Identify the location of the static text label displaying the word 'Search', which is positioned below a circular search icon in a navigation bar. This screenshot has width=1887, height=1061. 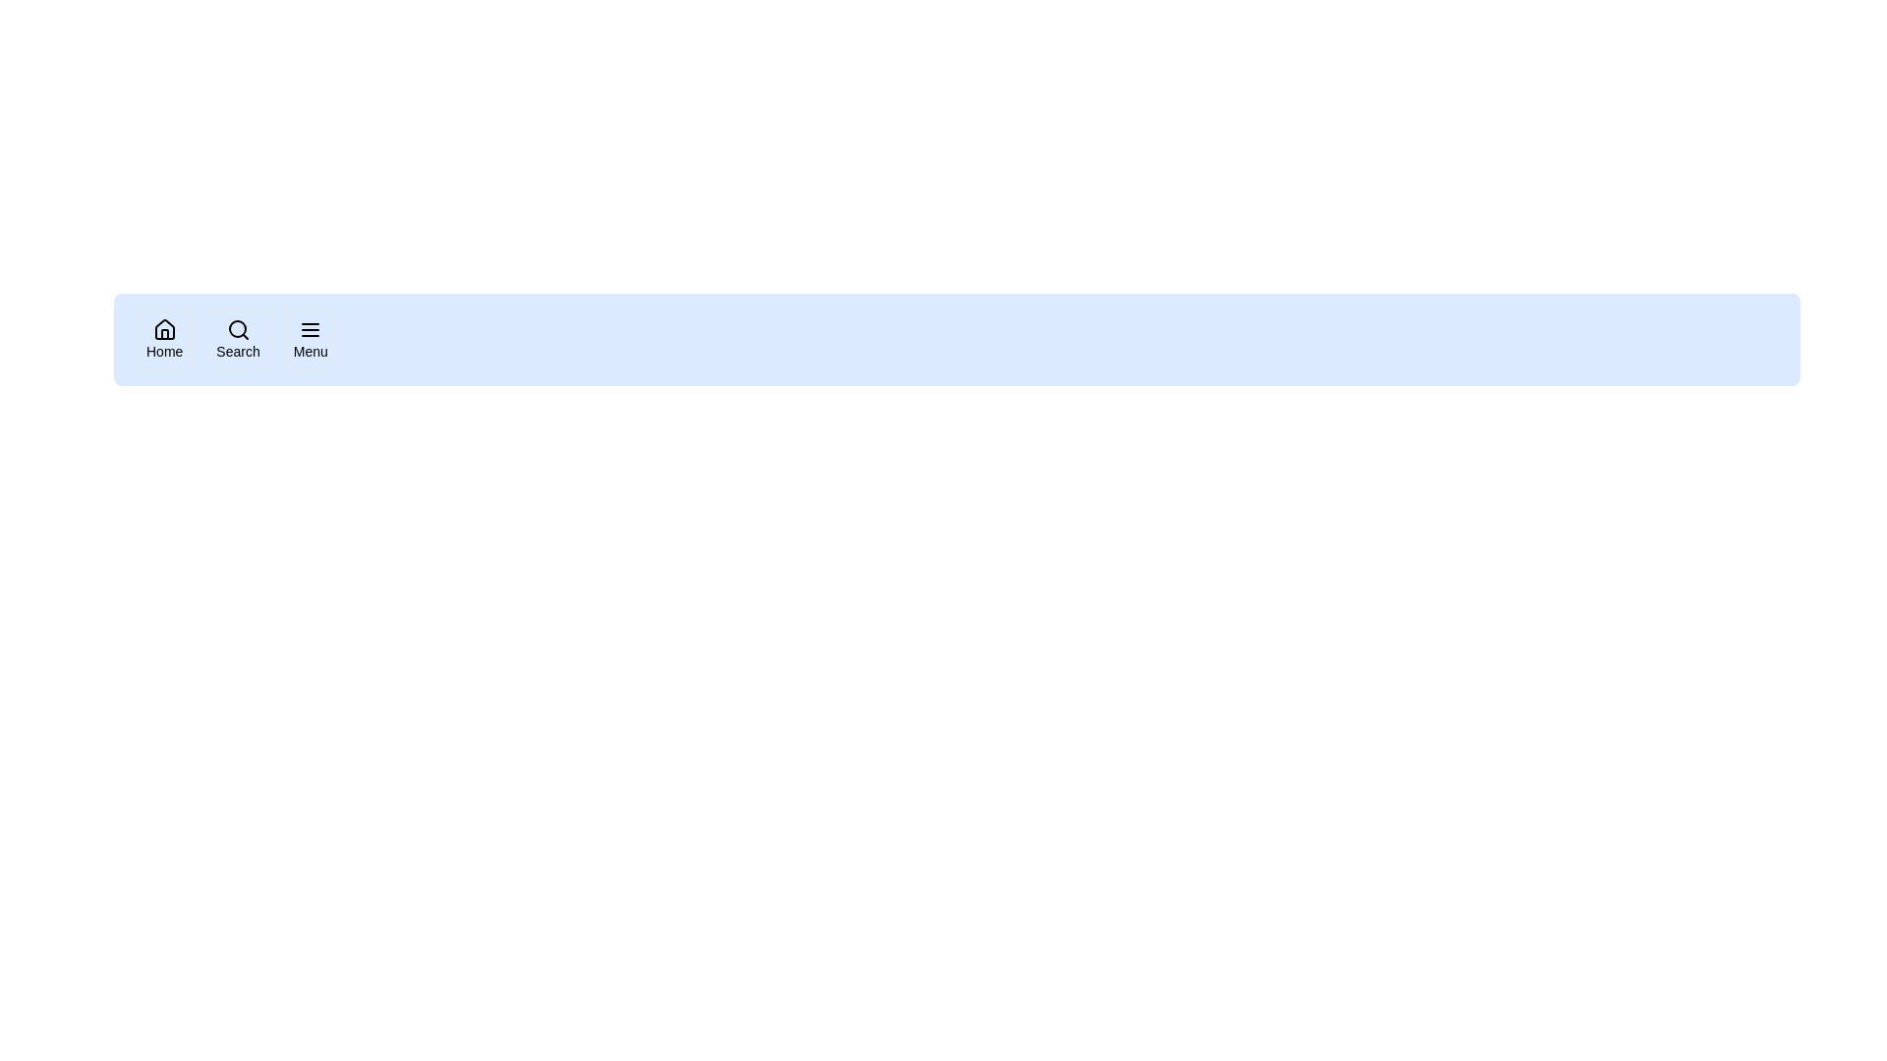
(237, 351).